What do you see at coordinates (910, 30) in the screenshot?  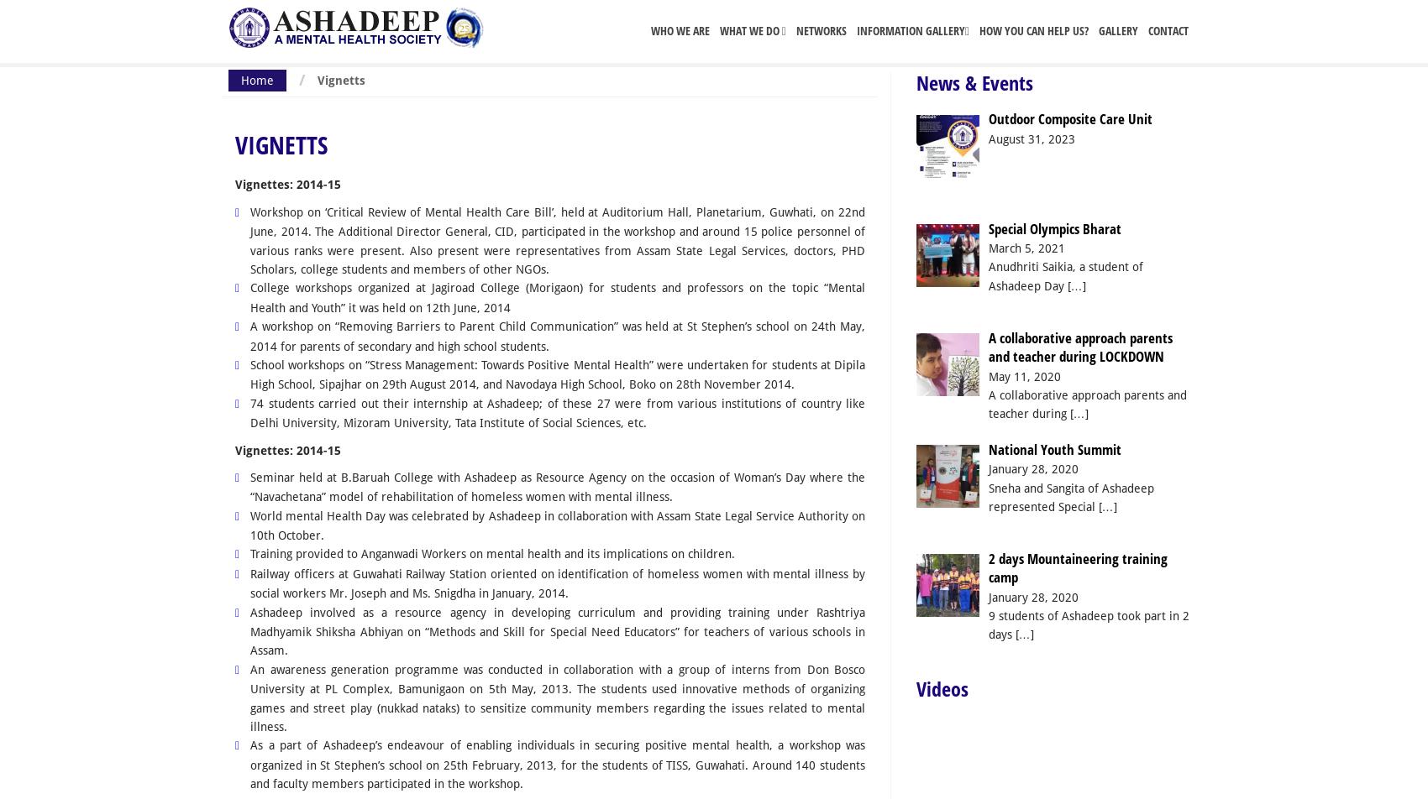 I see `'Information Gallery'` at bounding box center [910, 30].